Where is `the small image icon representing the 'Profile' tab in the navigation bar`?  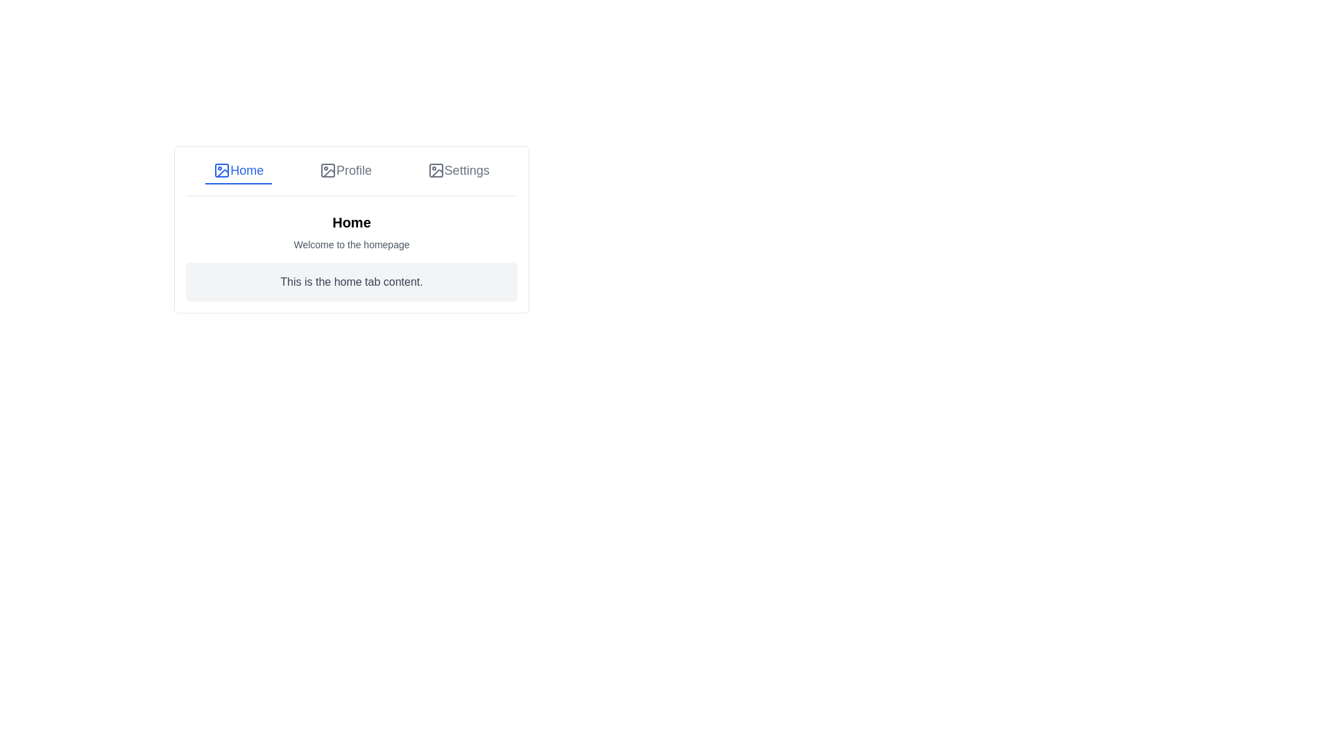 the small image icon representing the 'Profile' tab in the navigation bar is located at coordinates (327, 170).